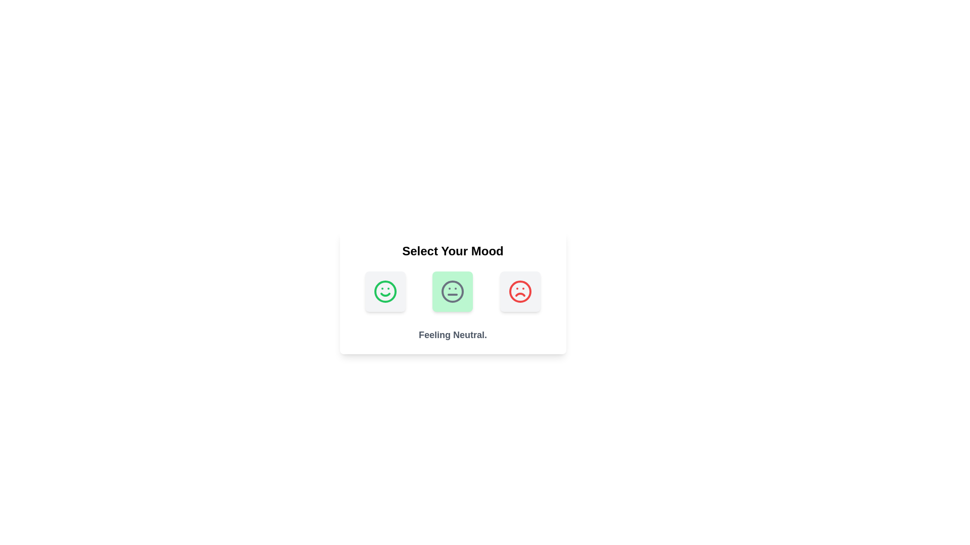  I want to click on the text header that displays 'Select Your Mood', which is bold and large, centrally aligned above the mood selection icons, so click(452, 250).